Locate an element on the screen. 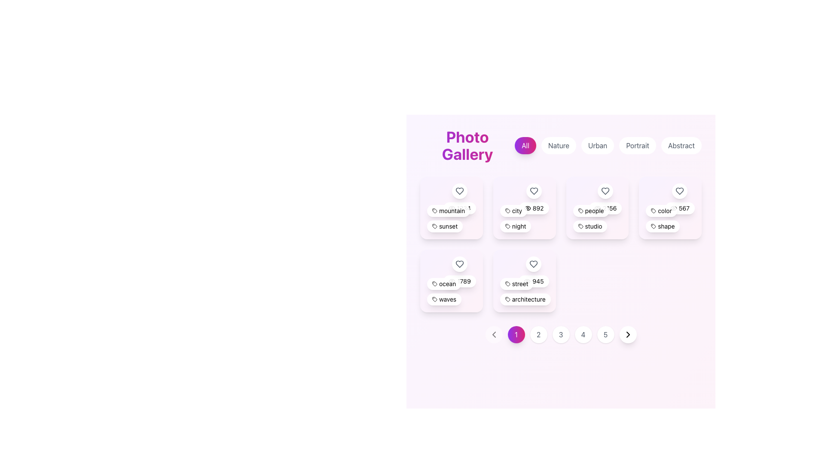  the heart-shaped icon button located in the top-right corner of the third grid card in the second row of the gallery layout is located at coordinates (459, 263).